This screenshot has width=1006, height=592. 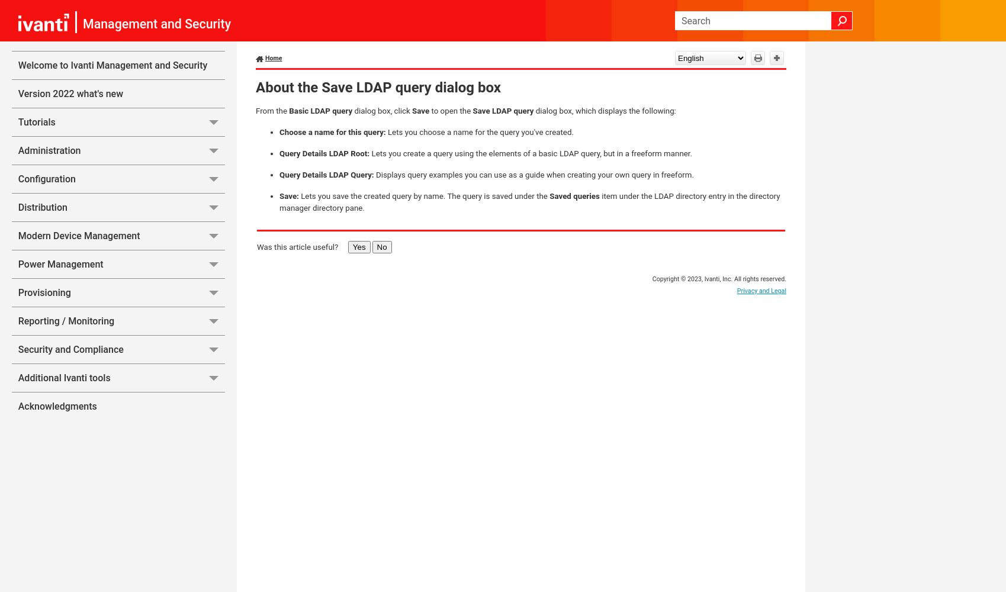 What do you see at coordinates (18, 406) in the screenshot?
I see `'Acknowledgments'` at bounding box center [18, 406].